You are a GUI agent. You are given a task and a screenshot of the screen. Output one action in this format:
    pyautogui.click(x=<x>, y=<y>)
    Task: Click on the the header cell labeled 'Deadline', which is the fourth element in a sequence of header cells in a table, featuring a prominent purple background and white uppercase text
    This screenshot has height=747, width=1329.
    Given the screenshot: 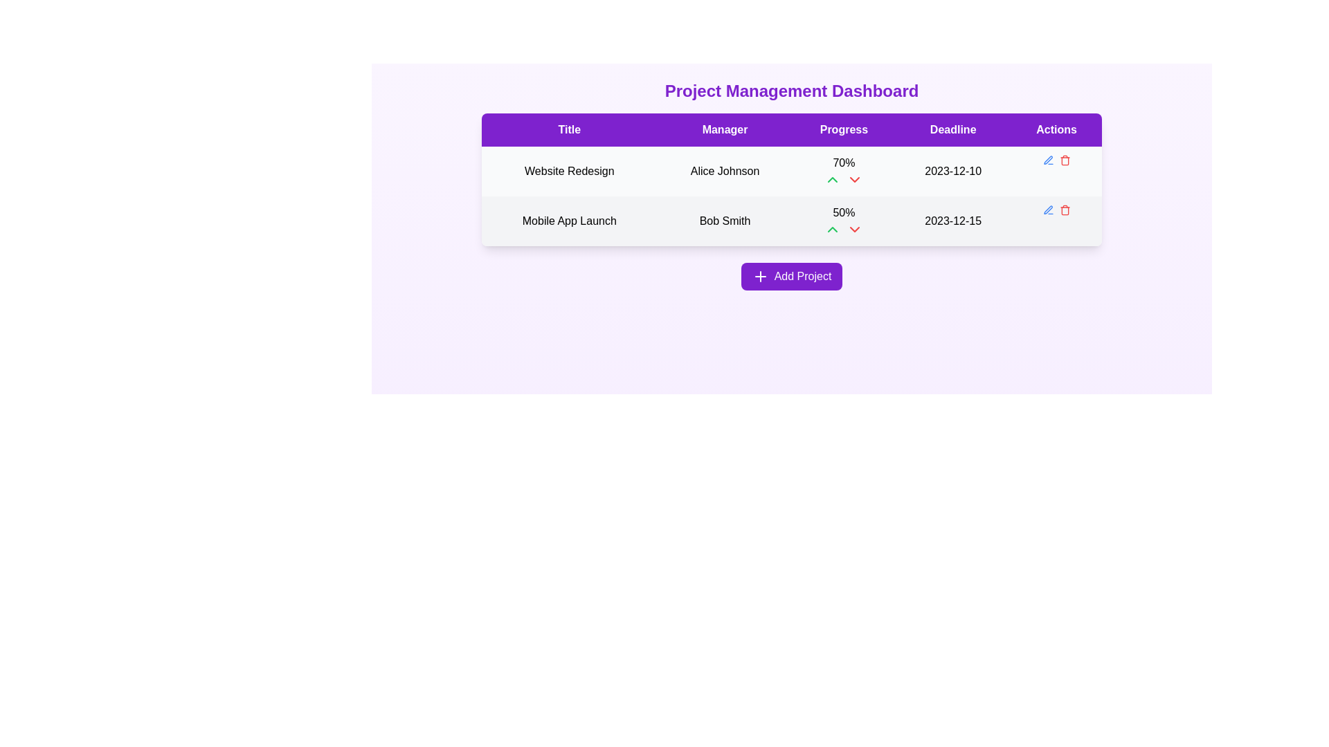 What is the action you would take?
    pyautogui.click(x=952, y=130)
    